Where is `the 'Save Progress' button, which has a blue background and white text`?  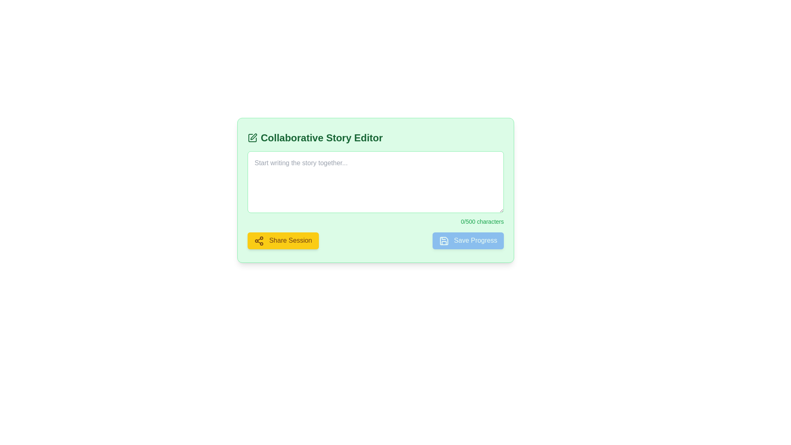 the 'Save Progress' button, which has a blue background and white text is located at coordinates (468, 241).